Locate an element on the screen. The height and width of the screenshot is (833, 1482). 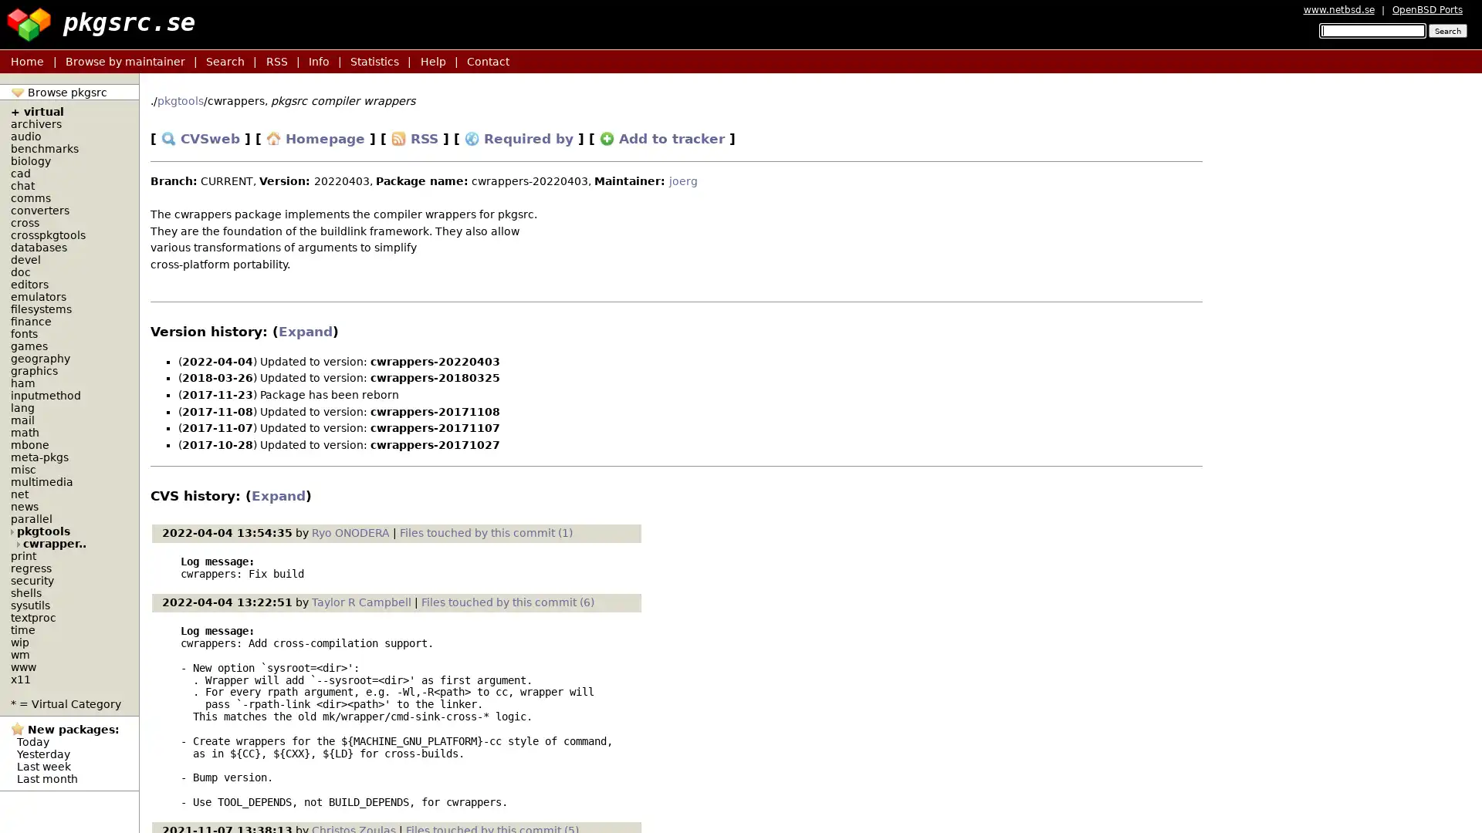
Search is located at coordinates (1446, 30).